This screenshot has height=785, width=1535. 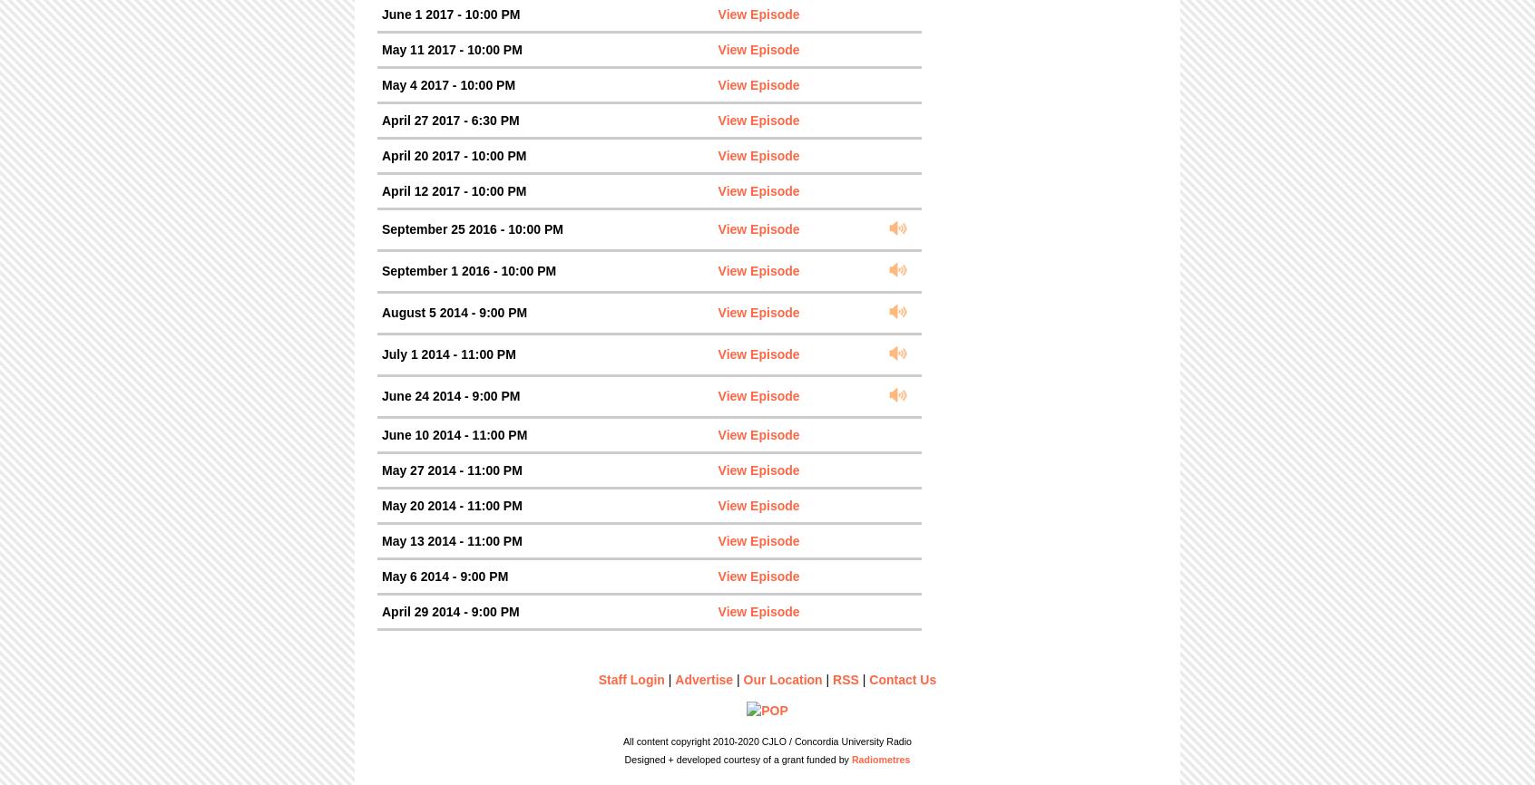 What do you see at coordinates (454, 190) in the screenshot?
I see `'April 12 2017 - 10:00 PM'` at bounding box center [454, 190].